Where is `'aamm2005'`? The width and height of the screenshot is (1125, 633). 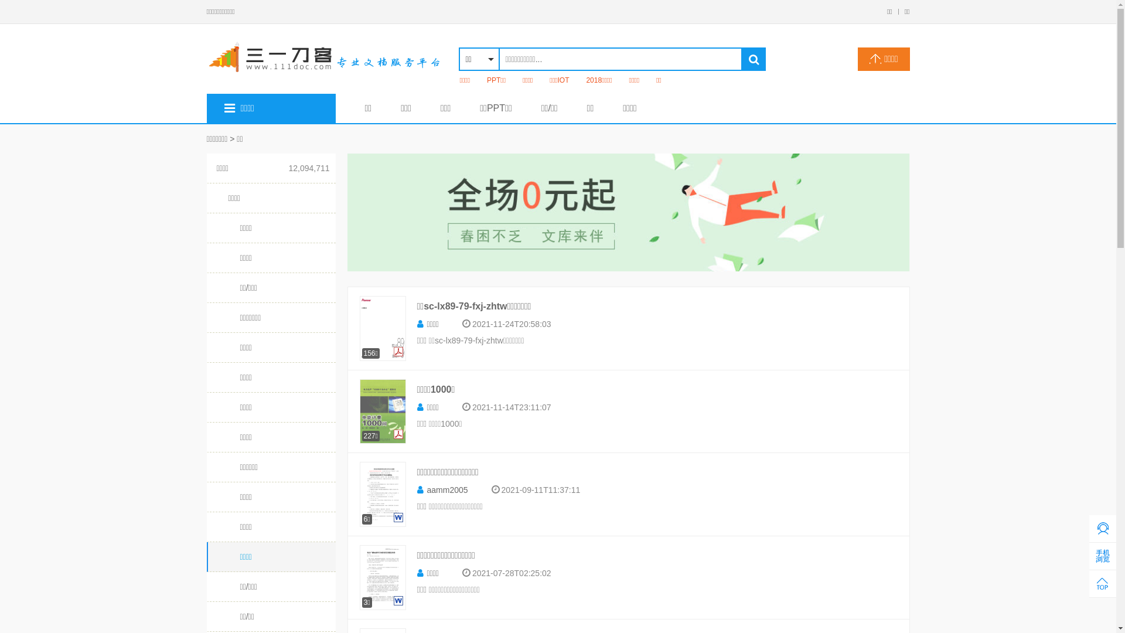
'aamm2005' is located at coordinates (442, 490).